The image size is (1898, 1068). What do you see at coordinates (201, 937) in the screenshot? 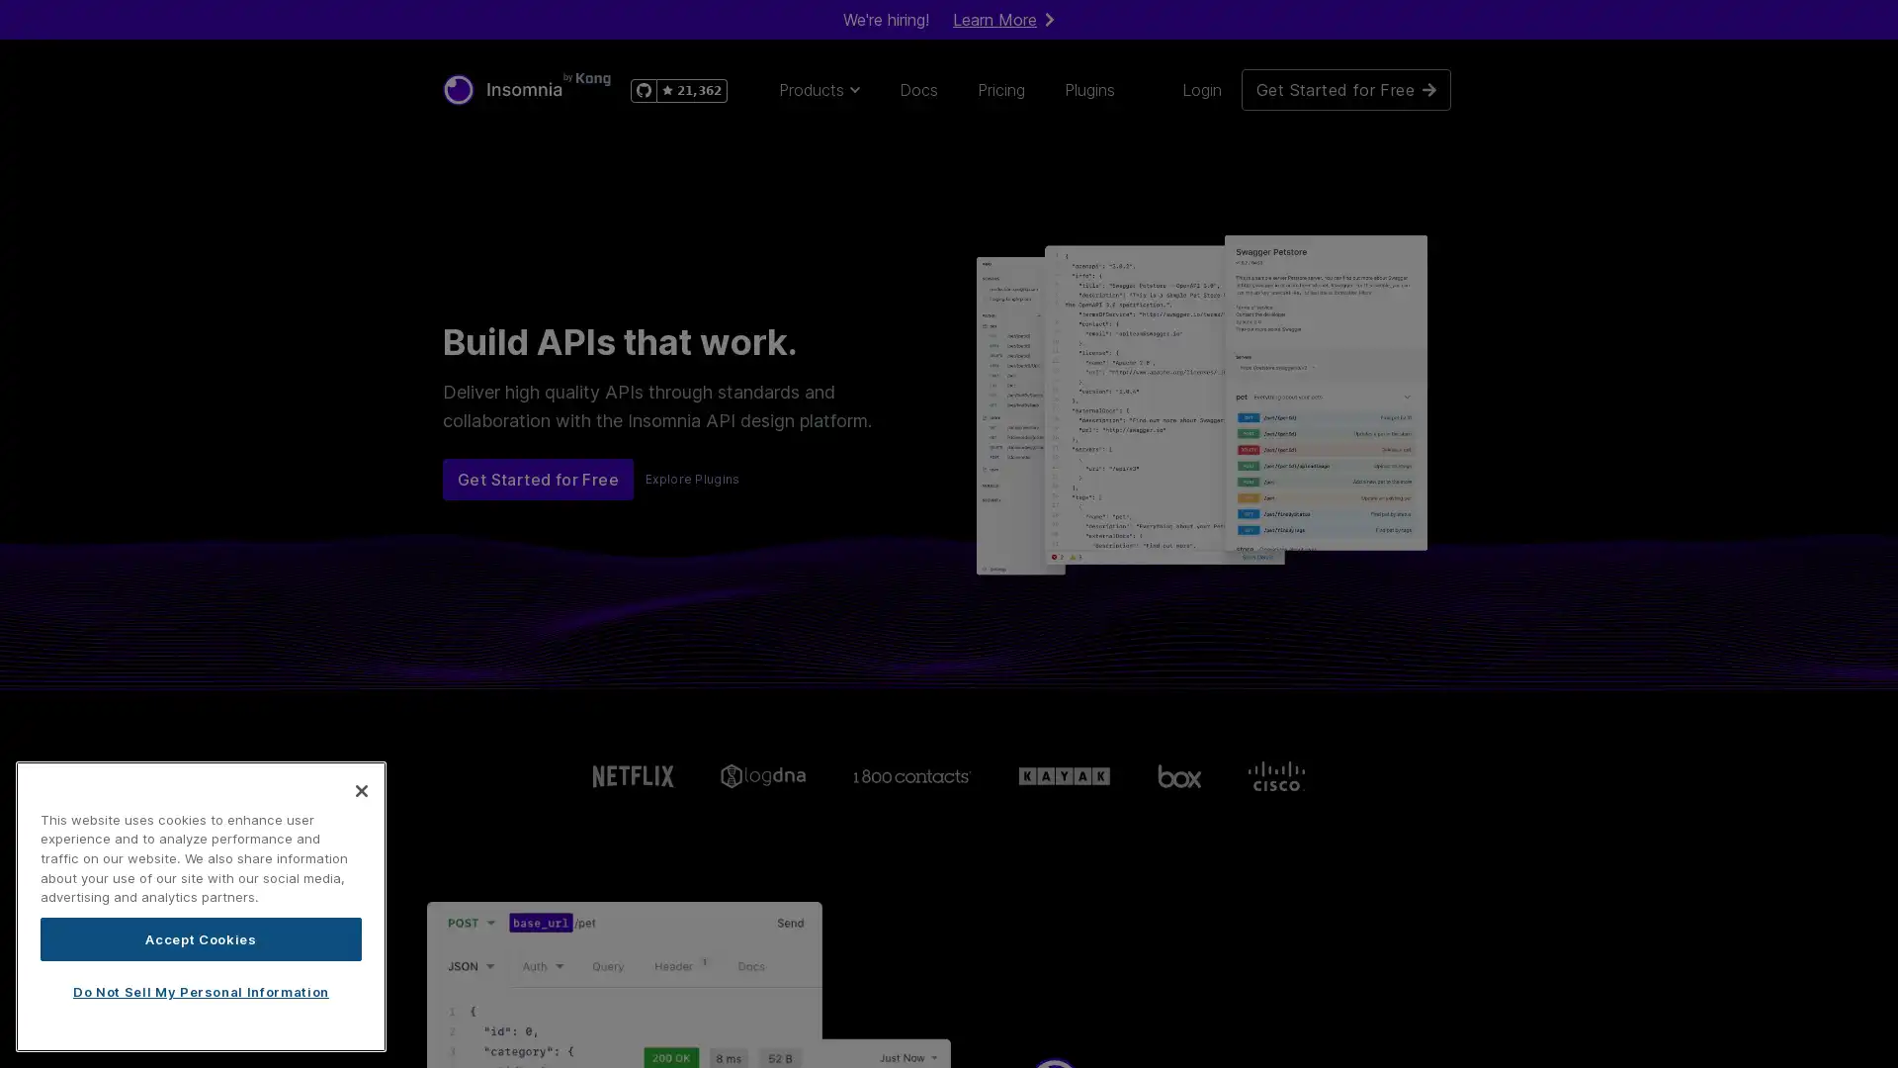
I see `Accept Cookies` at bounding box center [201, 937].